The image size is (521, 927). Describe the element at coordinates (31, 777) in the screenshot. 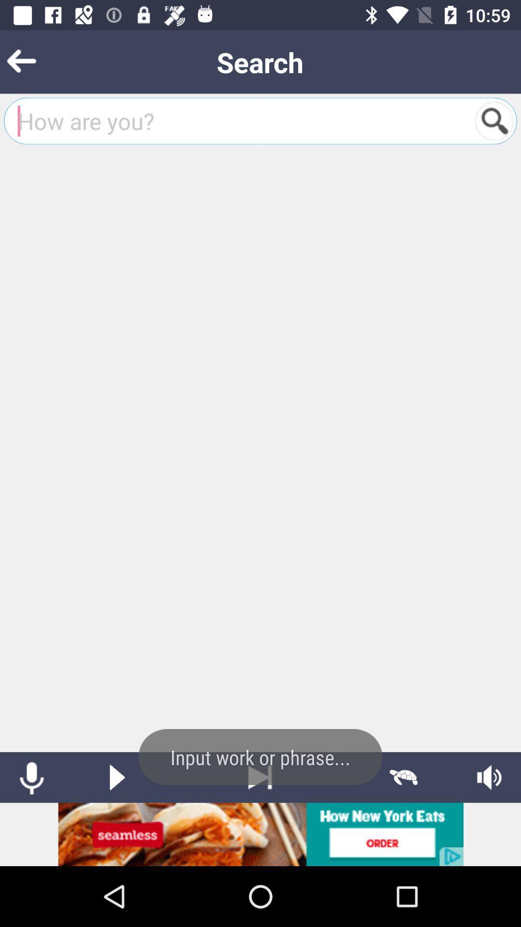

I see `the microphone icon` at that location.